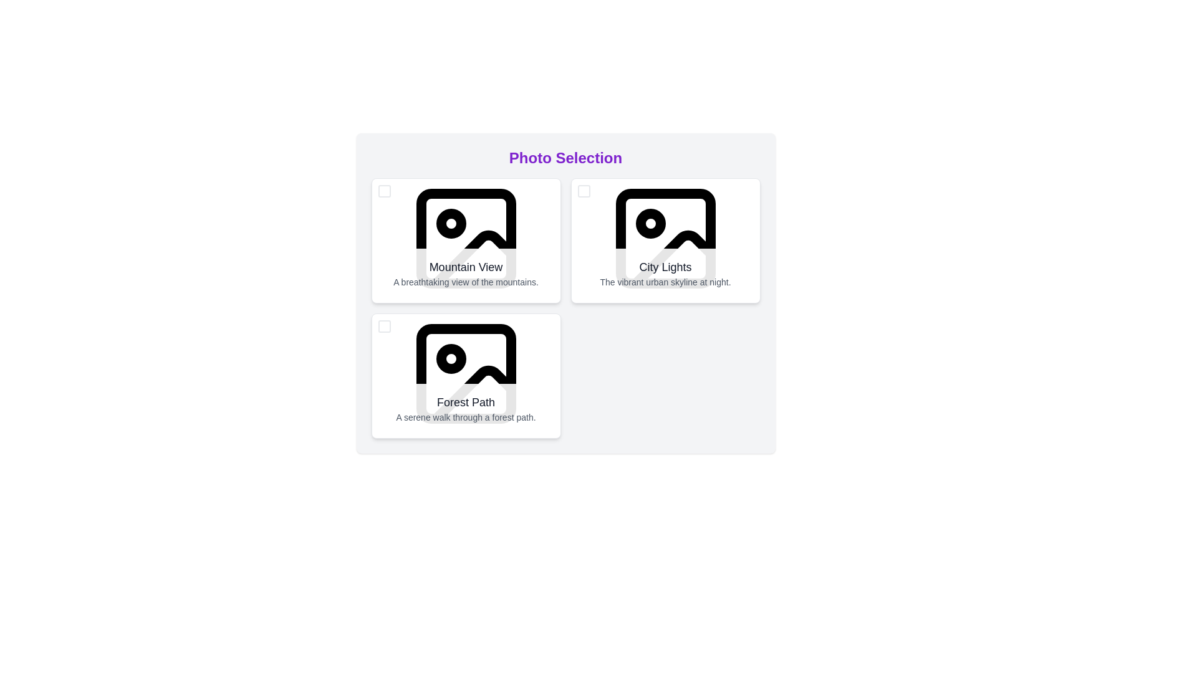 Image resolution: width=1197 pixels, height=673 pixels. What do you see at coordinates (465, 402) in the screenshot?
I see `the descriptive text label located in the lower part of the third box in the grid layout, which provides a title or name for the associated image` at bounding box center [465, 402].